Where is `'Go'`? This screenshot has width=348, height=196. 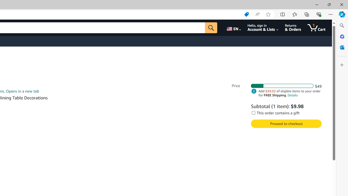
'Go' is located at coordinates (211, 27).